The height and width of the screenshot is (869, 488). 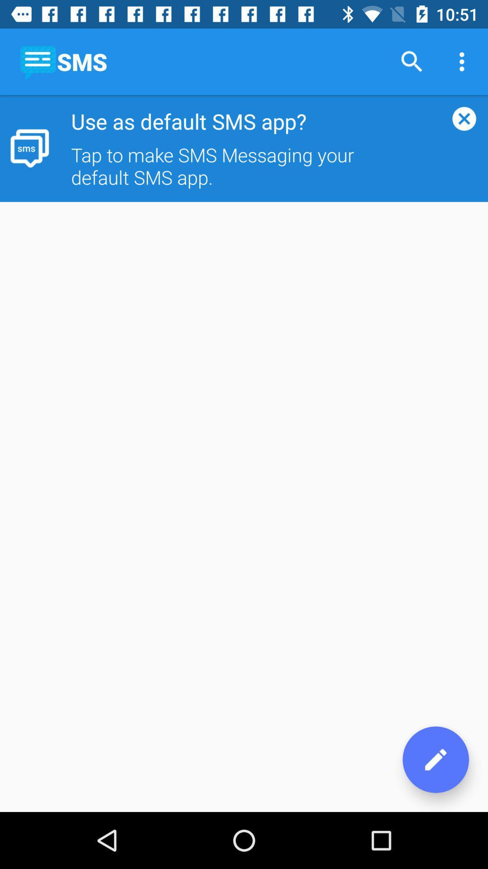 I want to click on the app to the right of sms app, so click(x=412, y=61).